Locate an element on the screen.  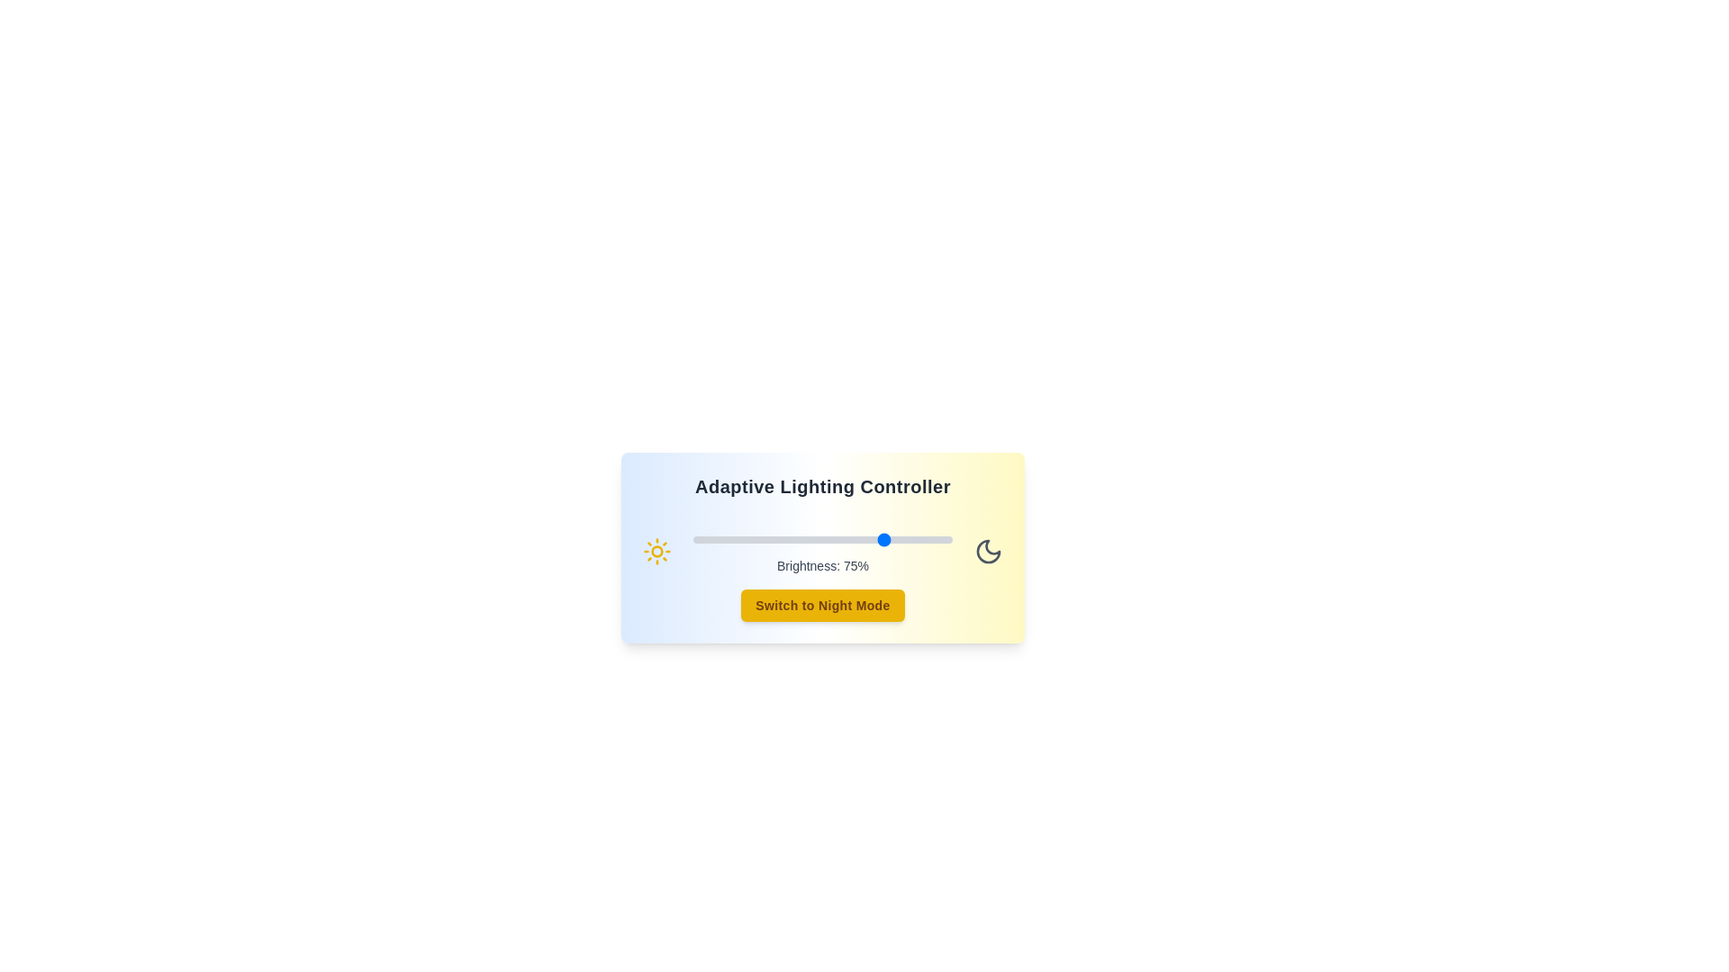
the Label displaying 'Brightness: 75%' which is positioned beneath the brightness slider control in the center of the panel is located at coordinates (821, 551).